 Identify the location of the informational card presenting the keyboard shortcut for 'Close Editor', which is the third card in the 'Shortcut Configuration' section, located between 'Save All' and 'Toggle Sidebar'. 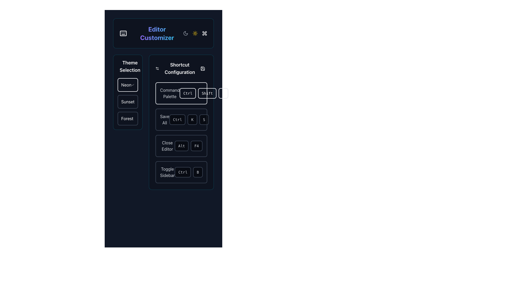
(181, 146).